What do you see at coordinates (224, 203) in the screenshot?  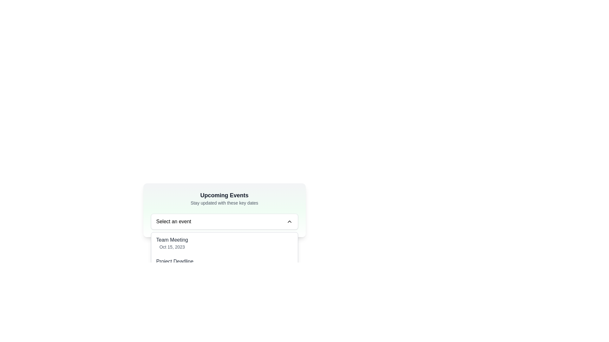 I see `the static text label that reads 'Stay updated with these key dates', which is situated below the title 'Upcoming Events' and above the dropdown menu labeled 'Select an event'` at bounding box center [224, 203].